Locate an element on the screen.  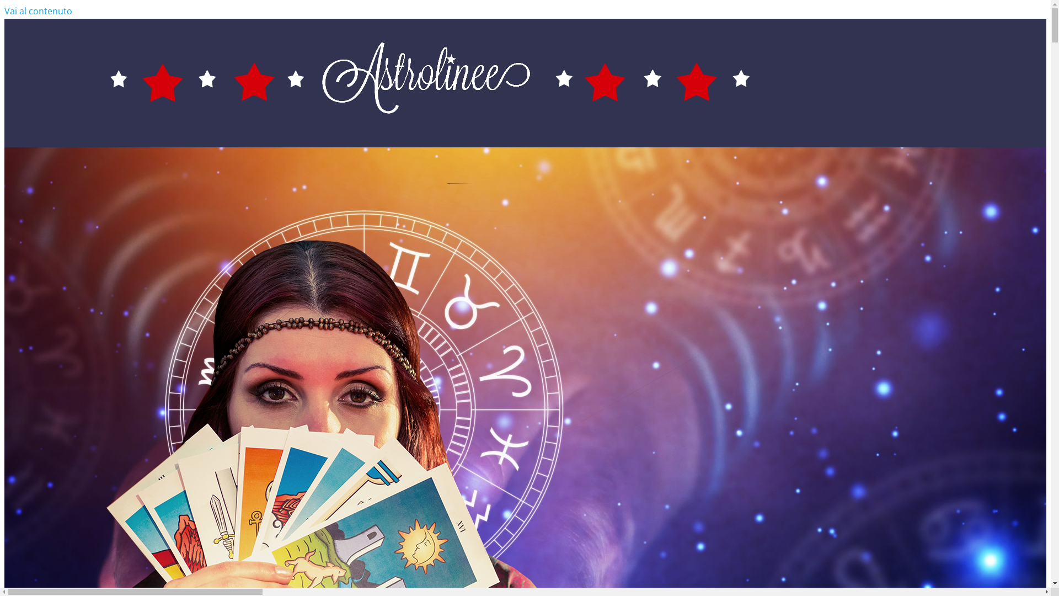
'Vai al contenuto' is located at coordinates (38, 10).